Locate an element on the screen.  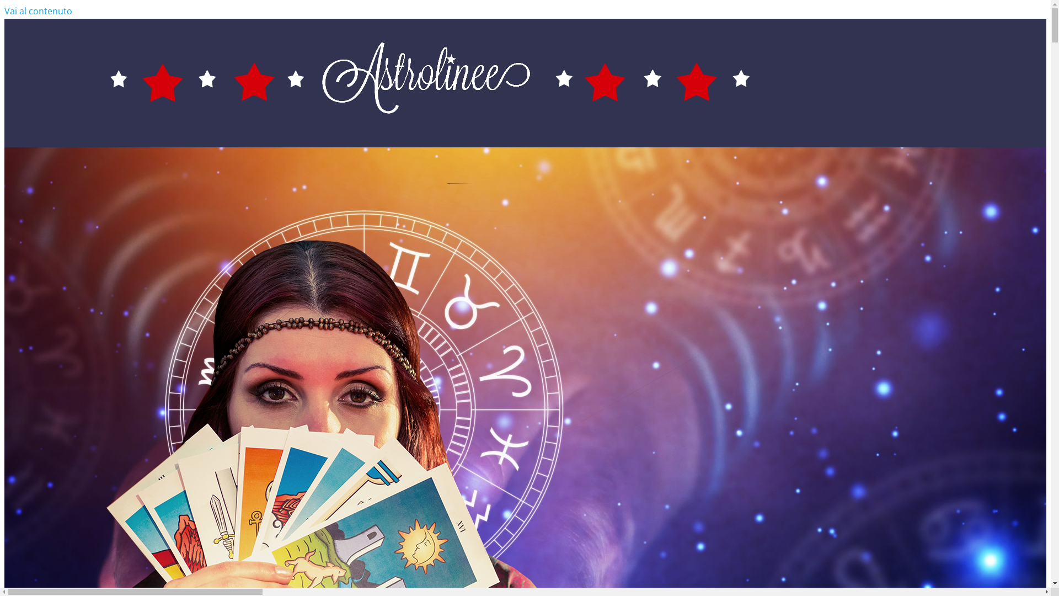
'Vai al contenuto' is located at coordinates (38, 10).